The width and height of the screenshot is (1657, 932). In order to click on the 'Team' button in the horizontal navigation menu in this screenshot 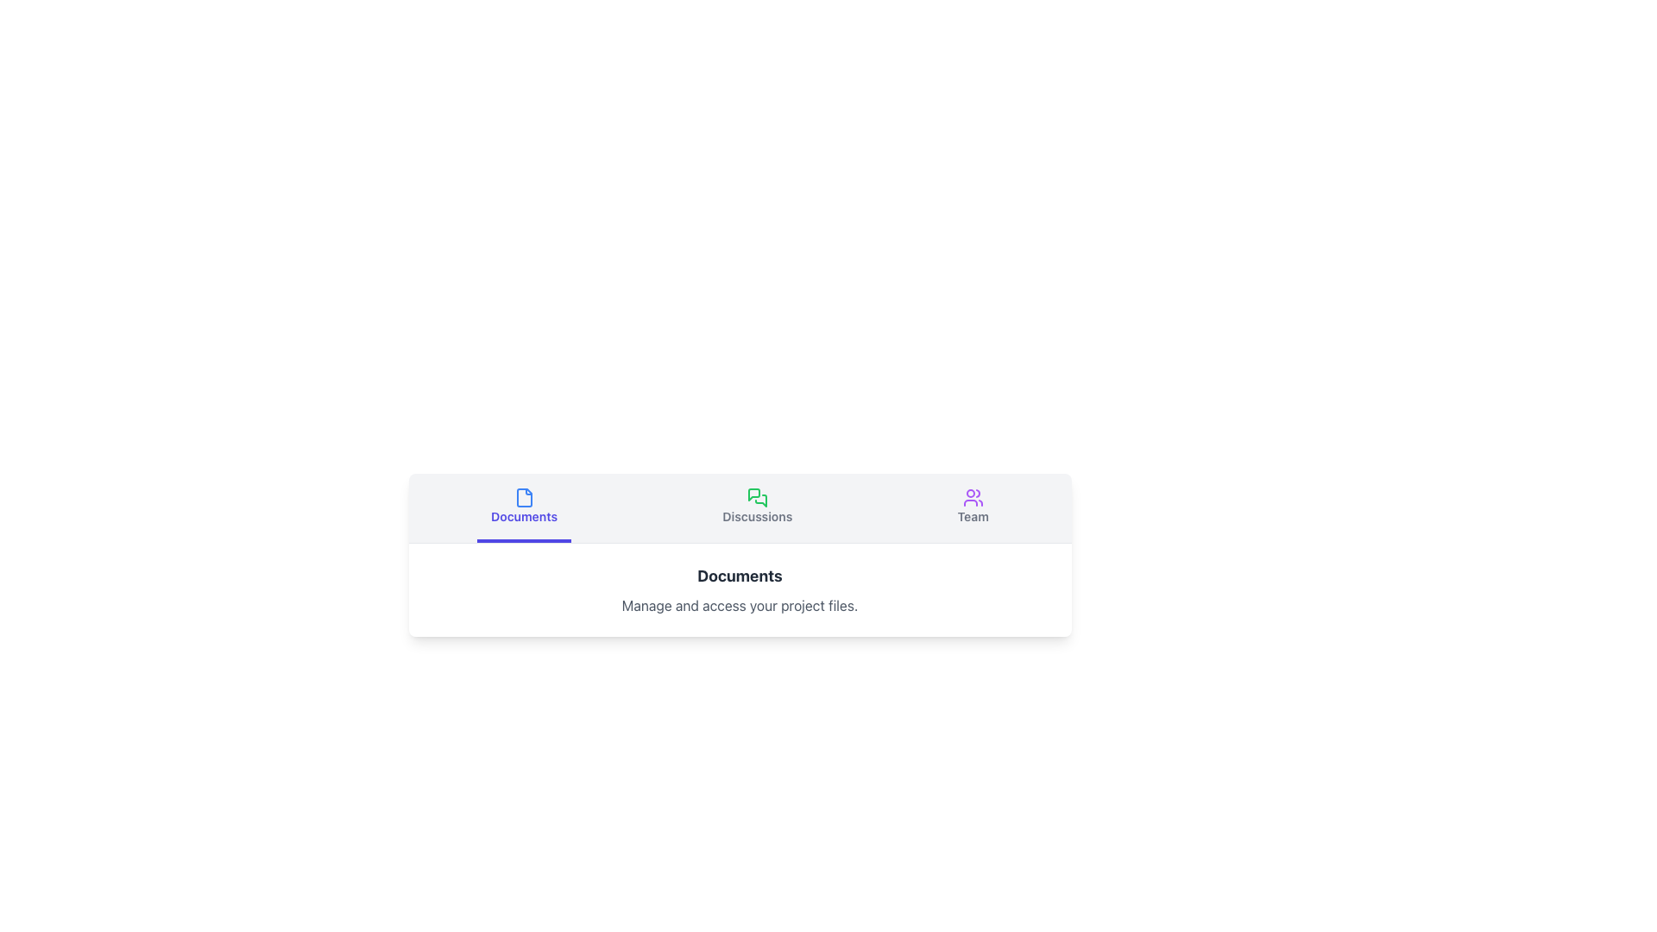, I will do `click(973, 507)`.